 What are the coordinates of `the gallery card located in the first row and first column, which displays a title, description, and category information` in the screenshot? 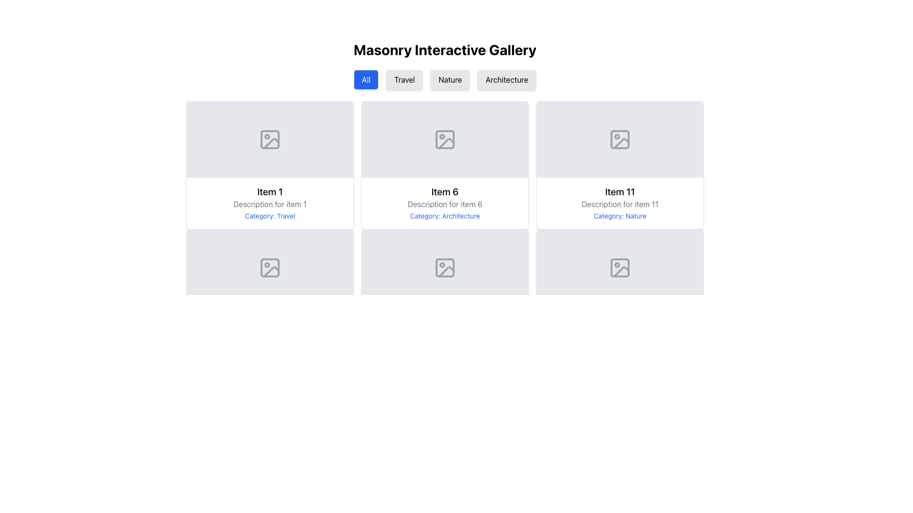 It's located at (269, 164).